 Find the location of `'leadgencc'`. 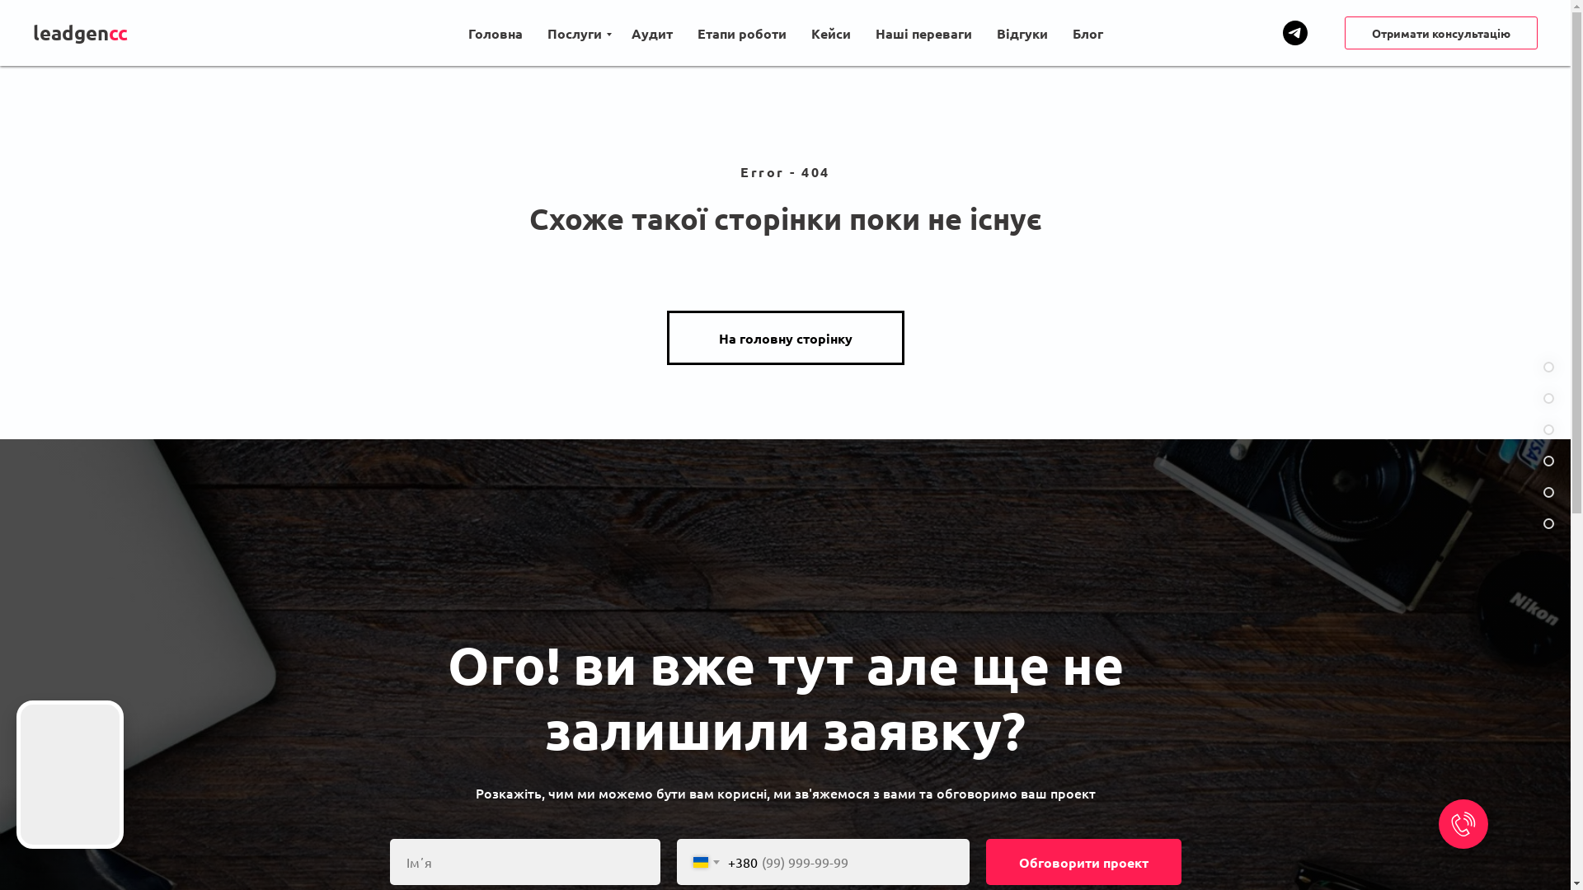

'leadgencc' is located at coordinates (92, 32).